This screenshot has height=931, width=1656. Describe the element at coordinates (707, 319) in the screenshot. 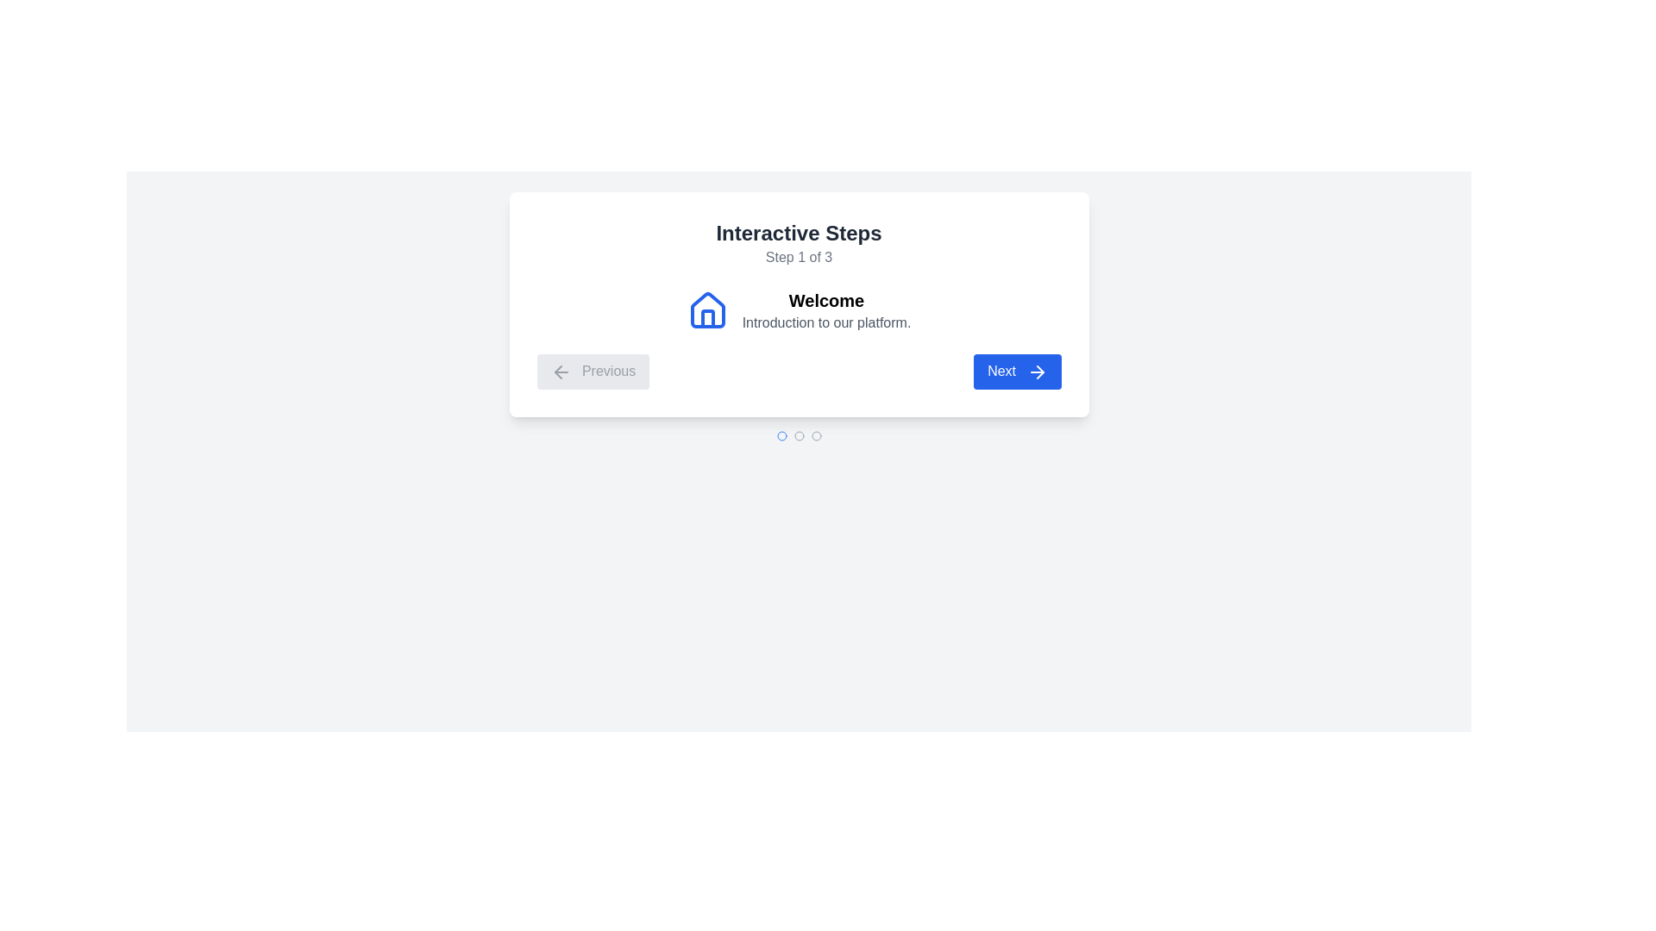

I see `the door icon located in the lower central portion of the house icon within the interface card` at that location.